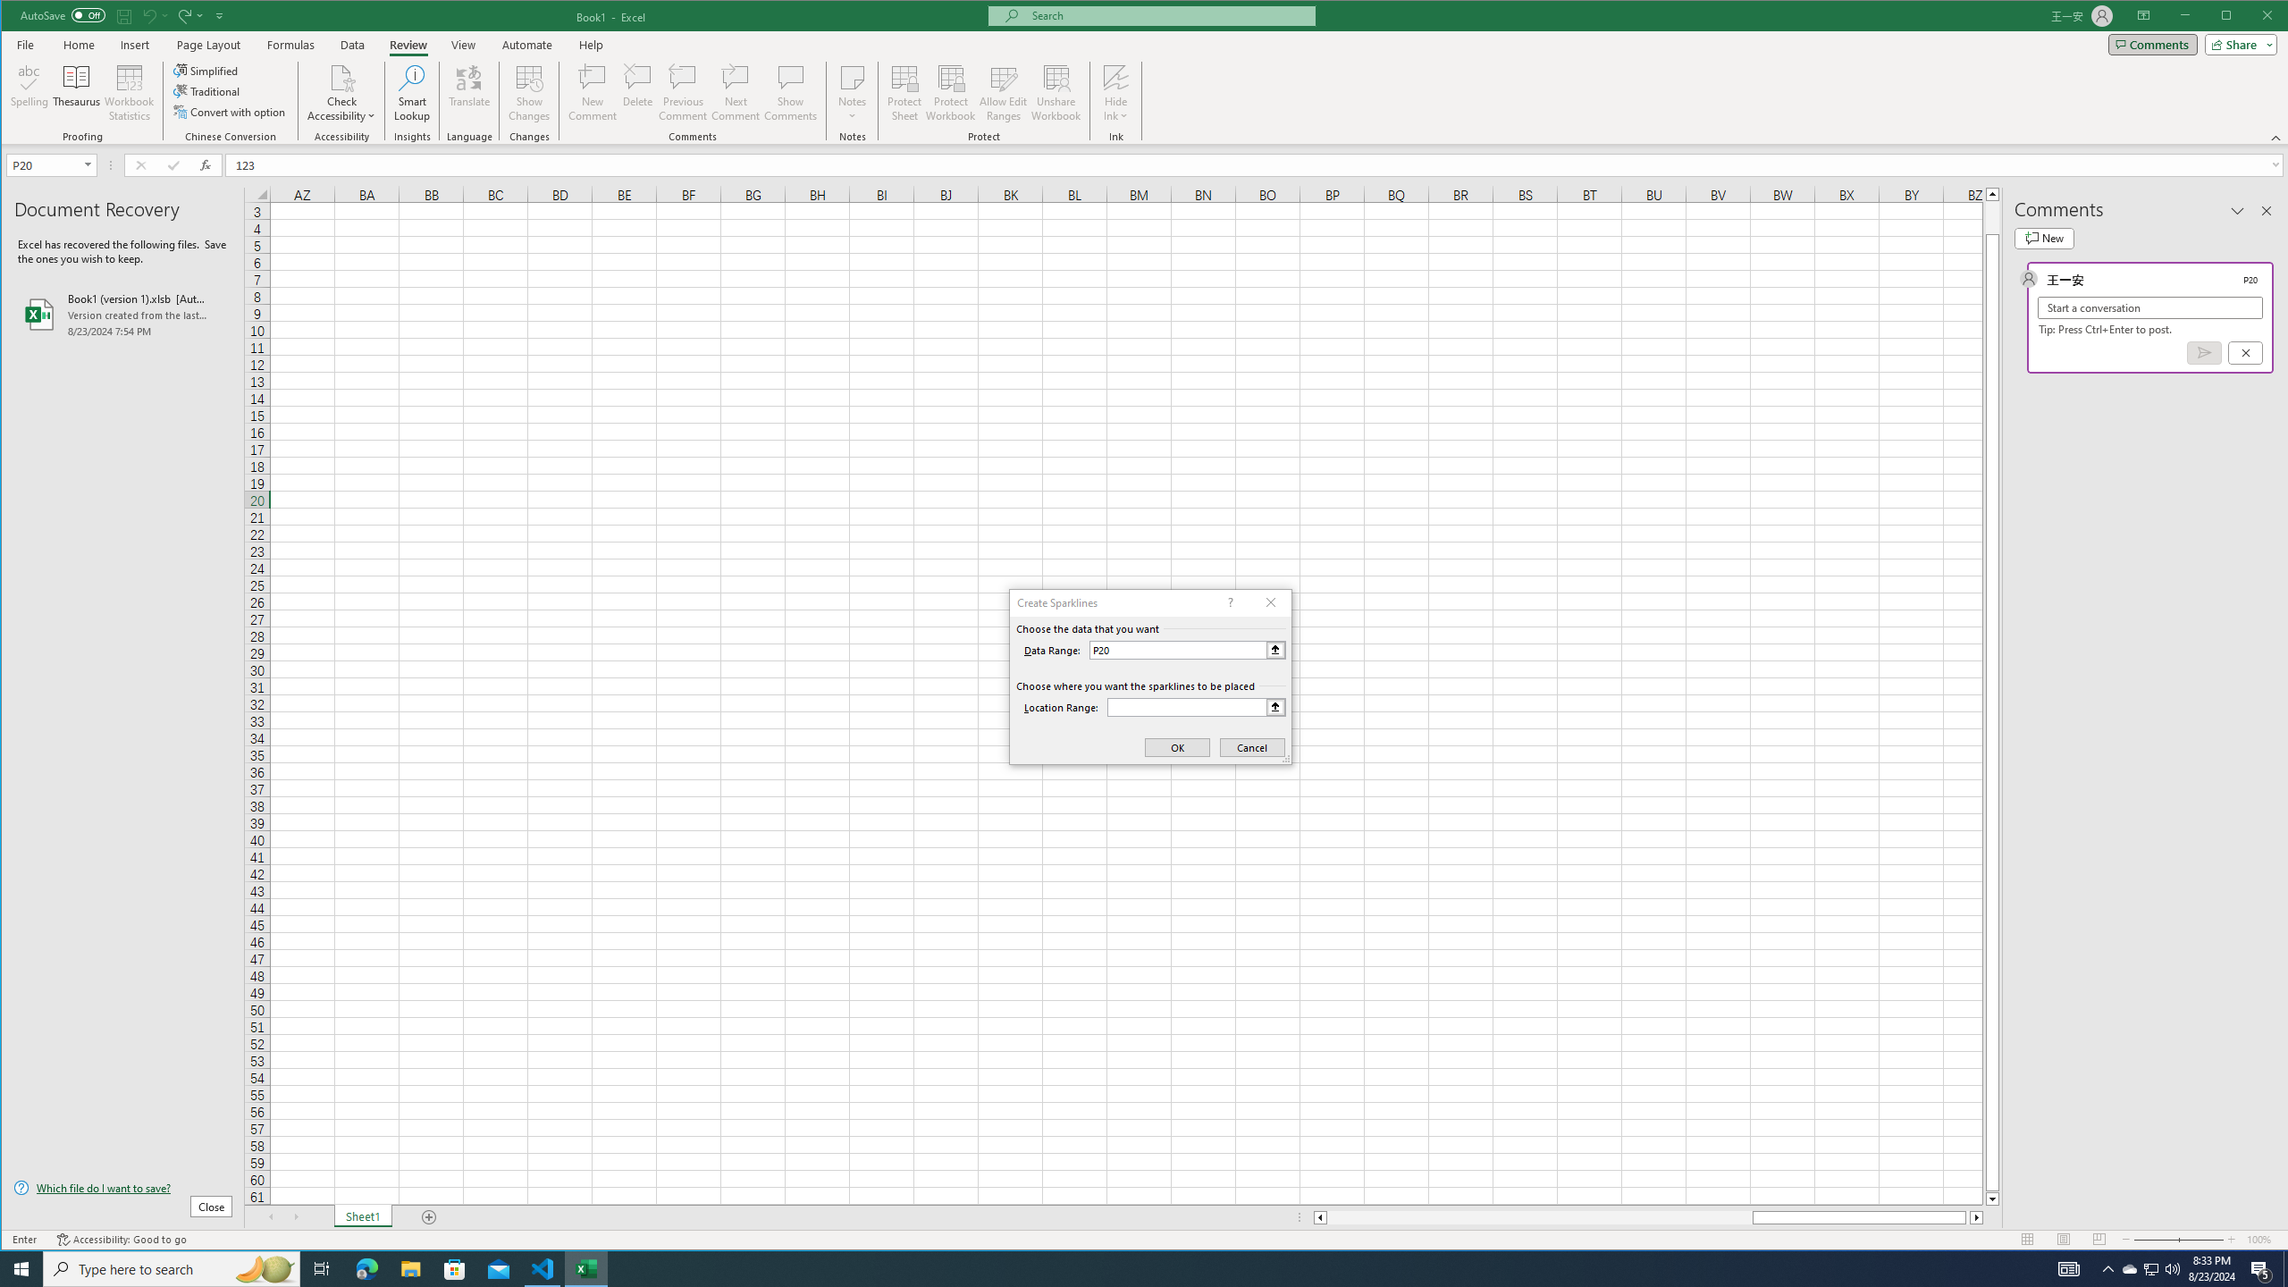  Describe the element at coordinates (341, 92) in the screenshot. I see `'Check Accessibility'` at that location.